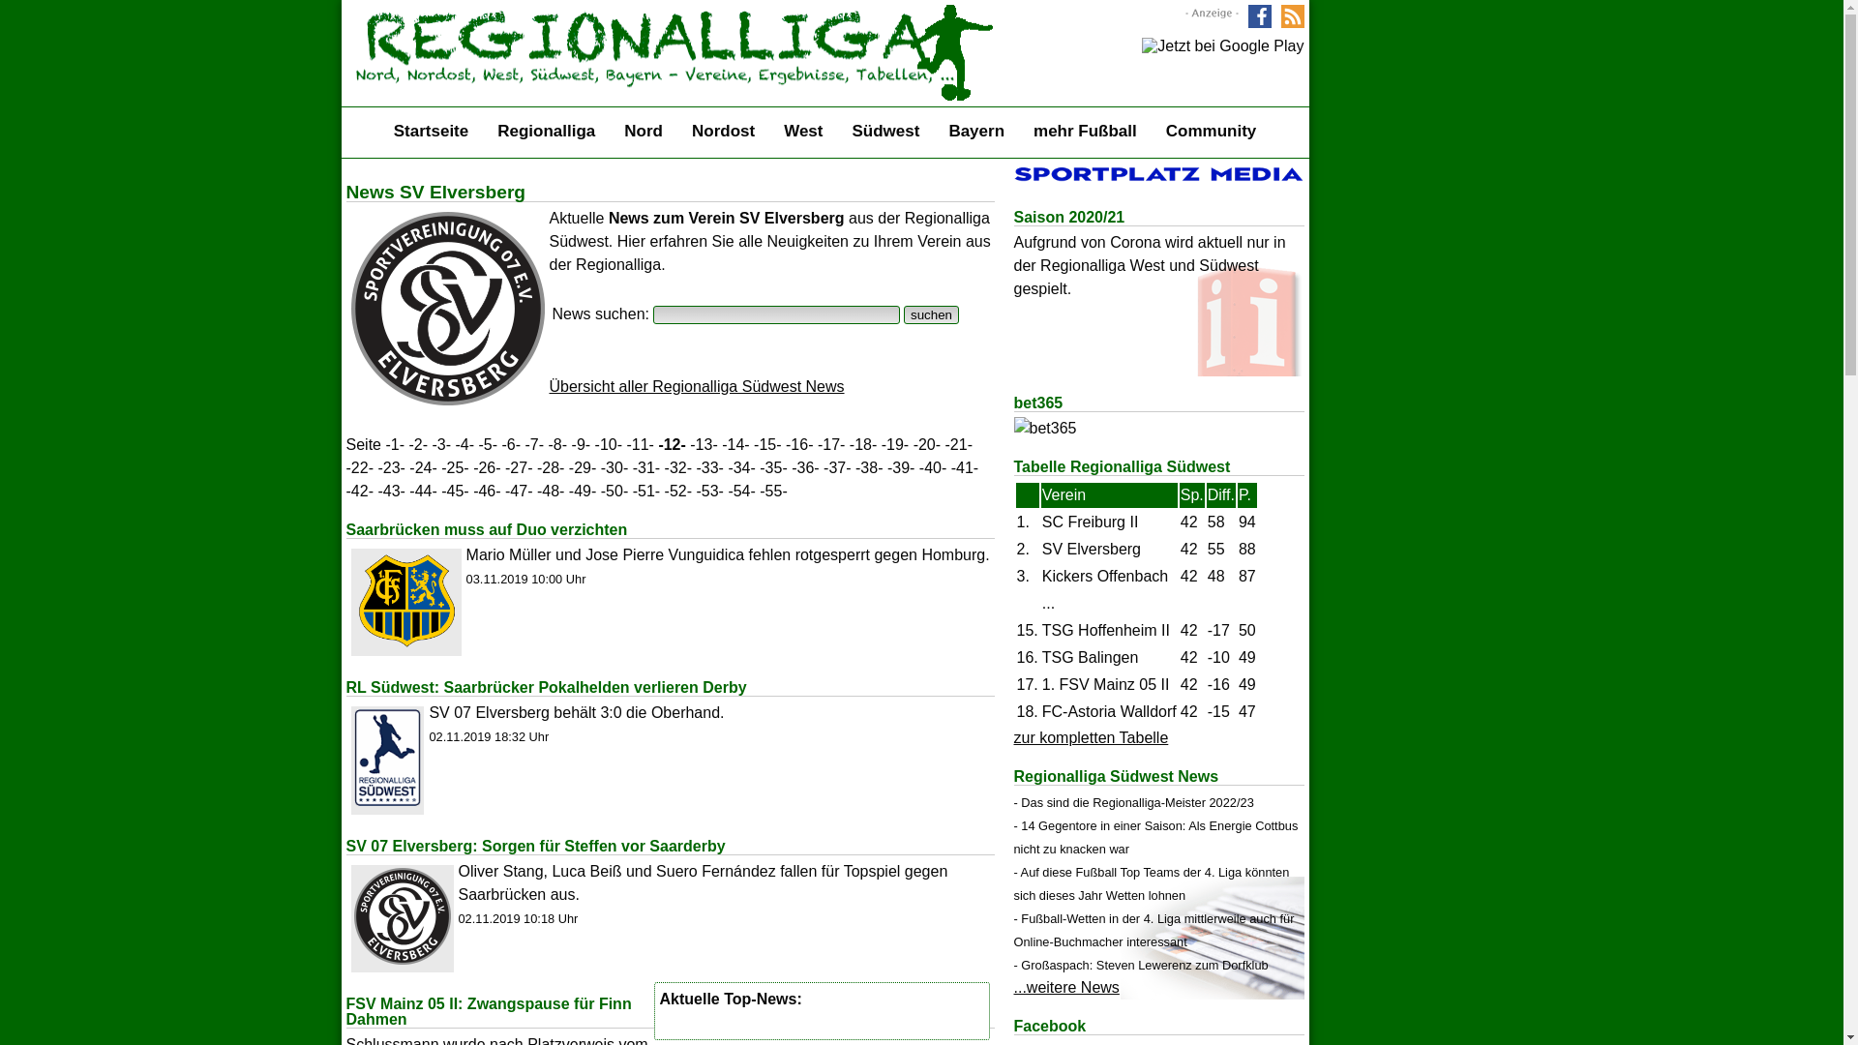 The height and width of the screenshot is (1045, 1858). What do you see at coordinates (534, 444) in the screenshot?
I see `'-7-'` at bounding box center [534, 444].